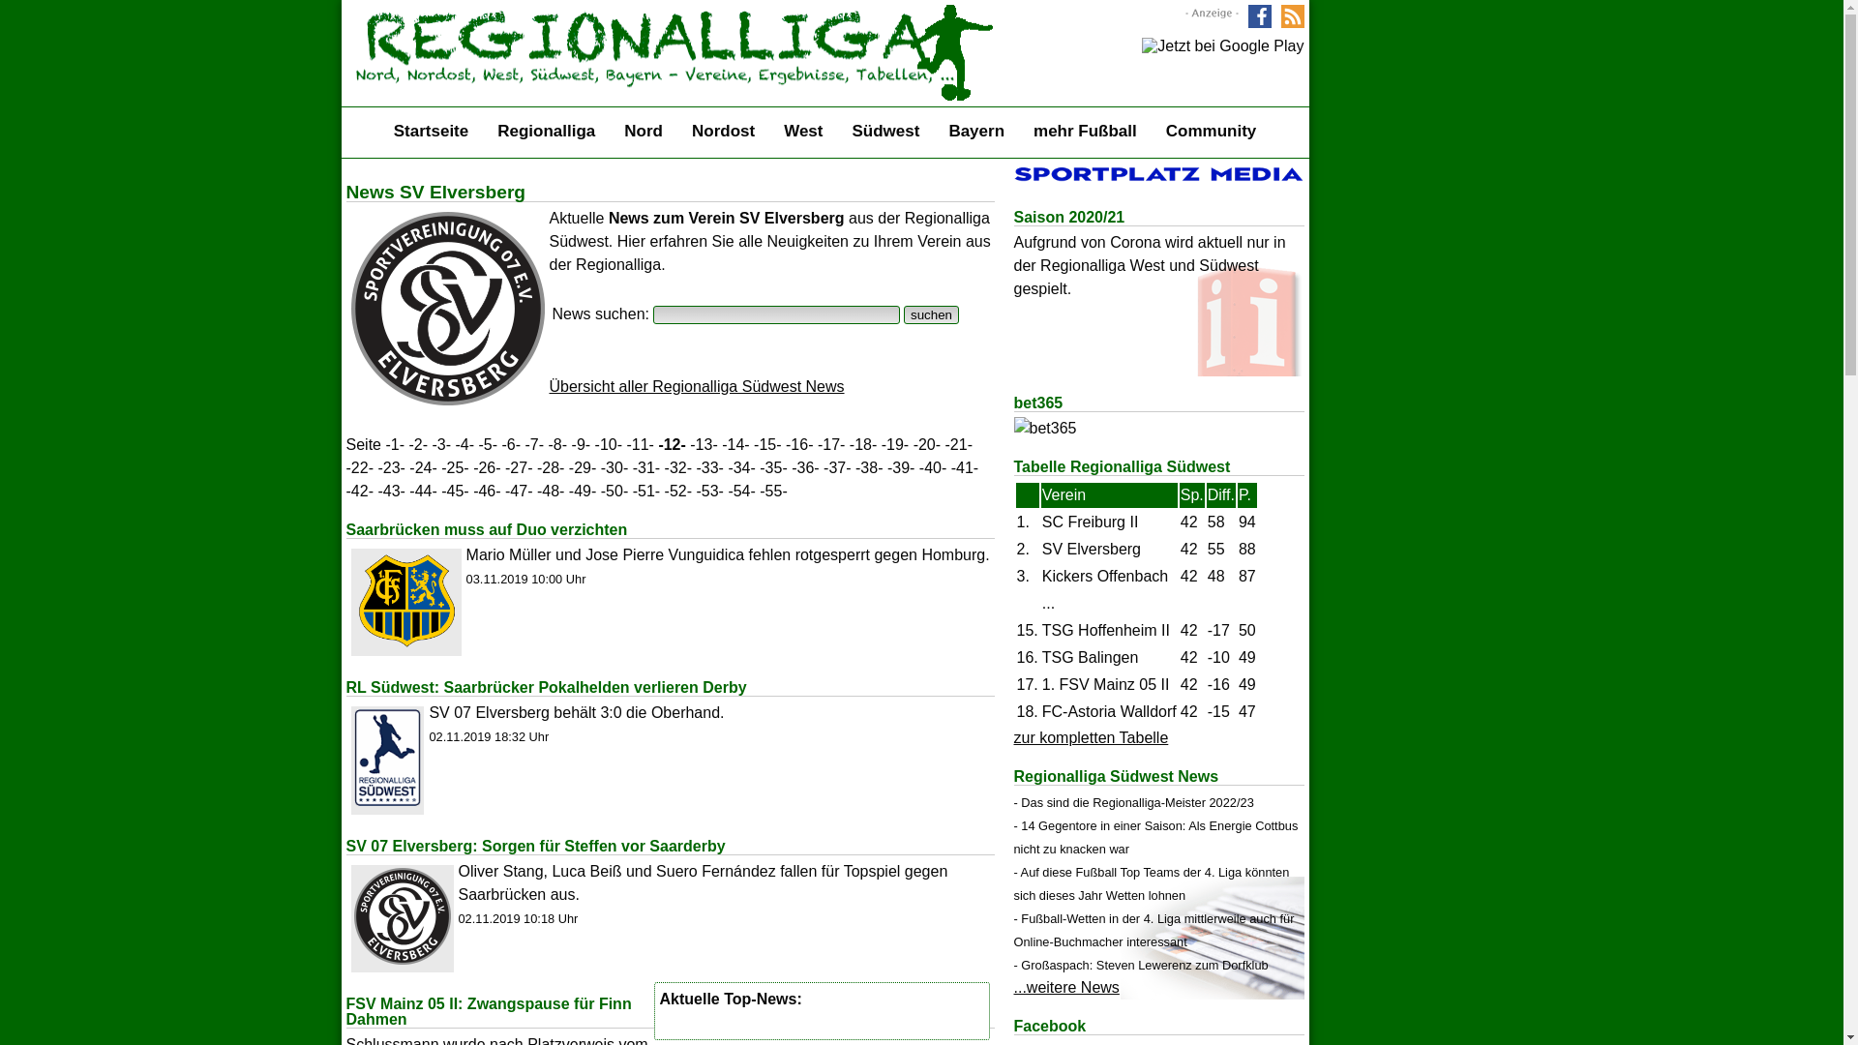 The height and width of the screenshot is (1045, 1858). What do you see at coordinates (534, 444) in the screenshot?
I see `'-7-'` at bounding box center [534, 444].